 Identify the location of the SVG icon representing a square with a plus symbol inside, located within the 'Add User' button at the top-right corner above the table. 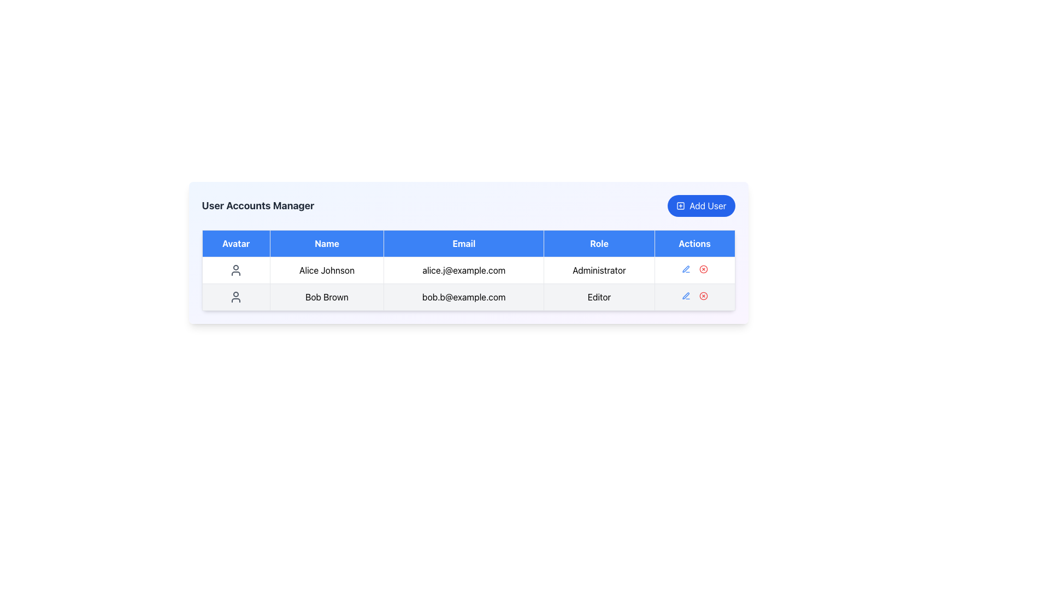
(680, 206).